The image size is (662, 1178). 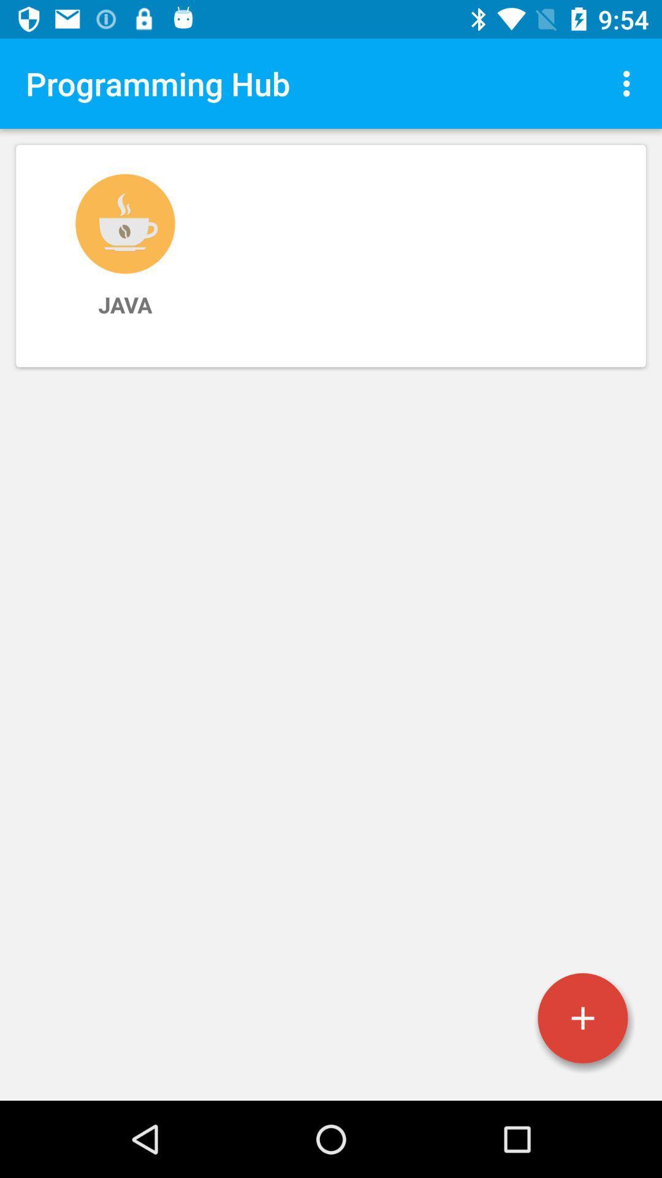 What do you see at coordinates (630, 83) in the screenshot?
I see `item next to the programming hub icon` at bounding box center [630, 83].